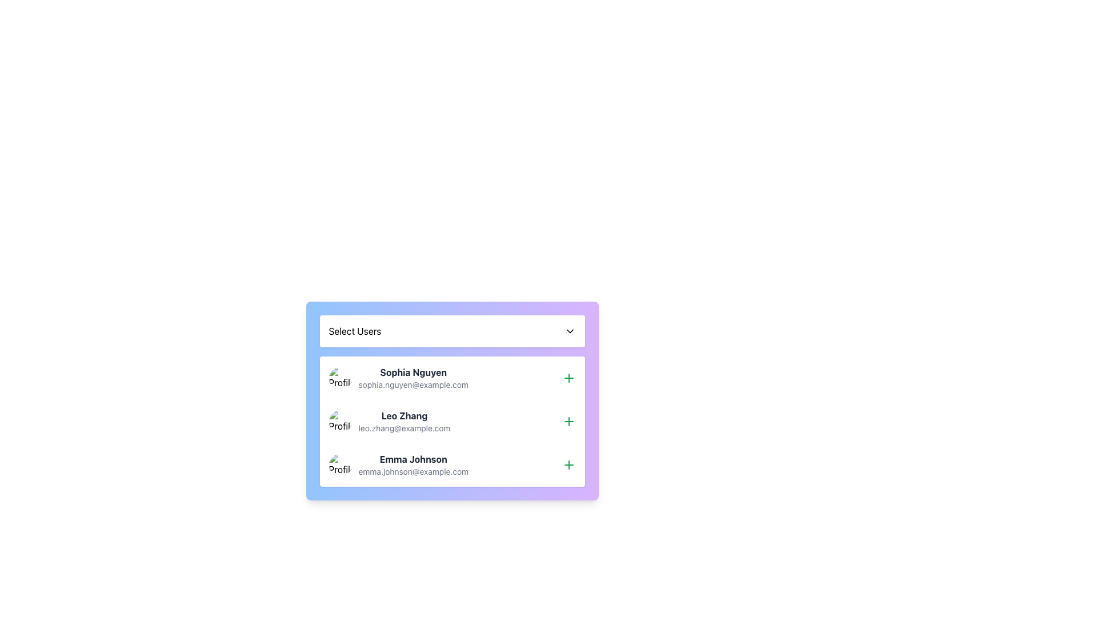 The image size is (1097, 617). I want to click on the User Information Display containing the text 'Emma Johnson' and the email 'emma.johnson@example.com', so click(398, 464).